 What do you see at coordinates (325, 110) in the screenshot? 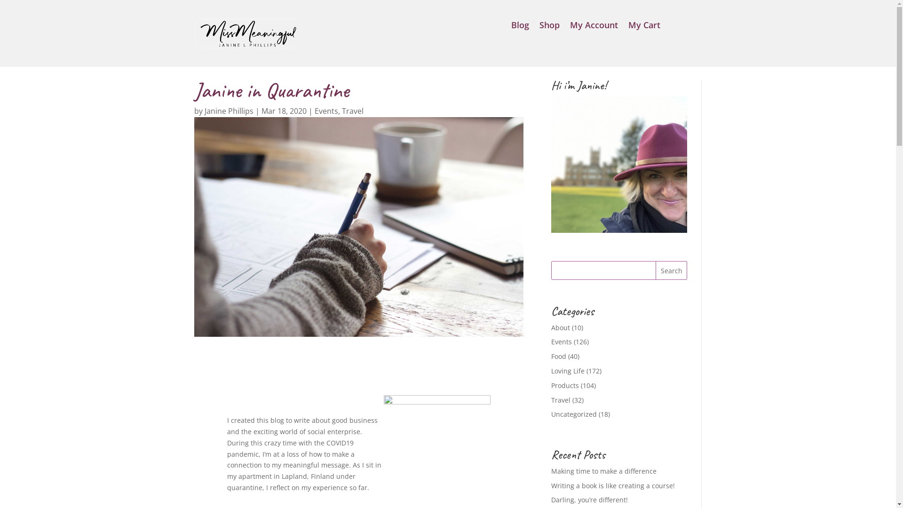
I see `'Events'` at bounding box center [325, 110].